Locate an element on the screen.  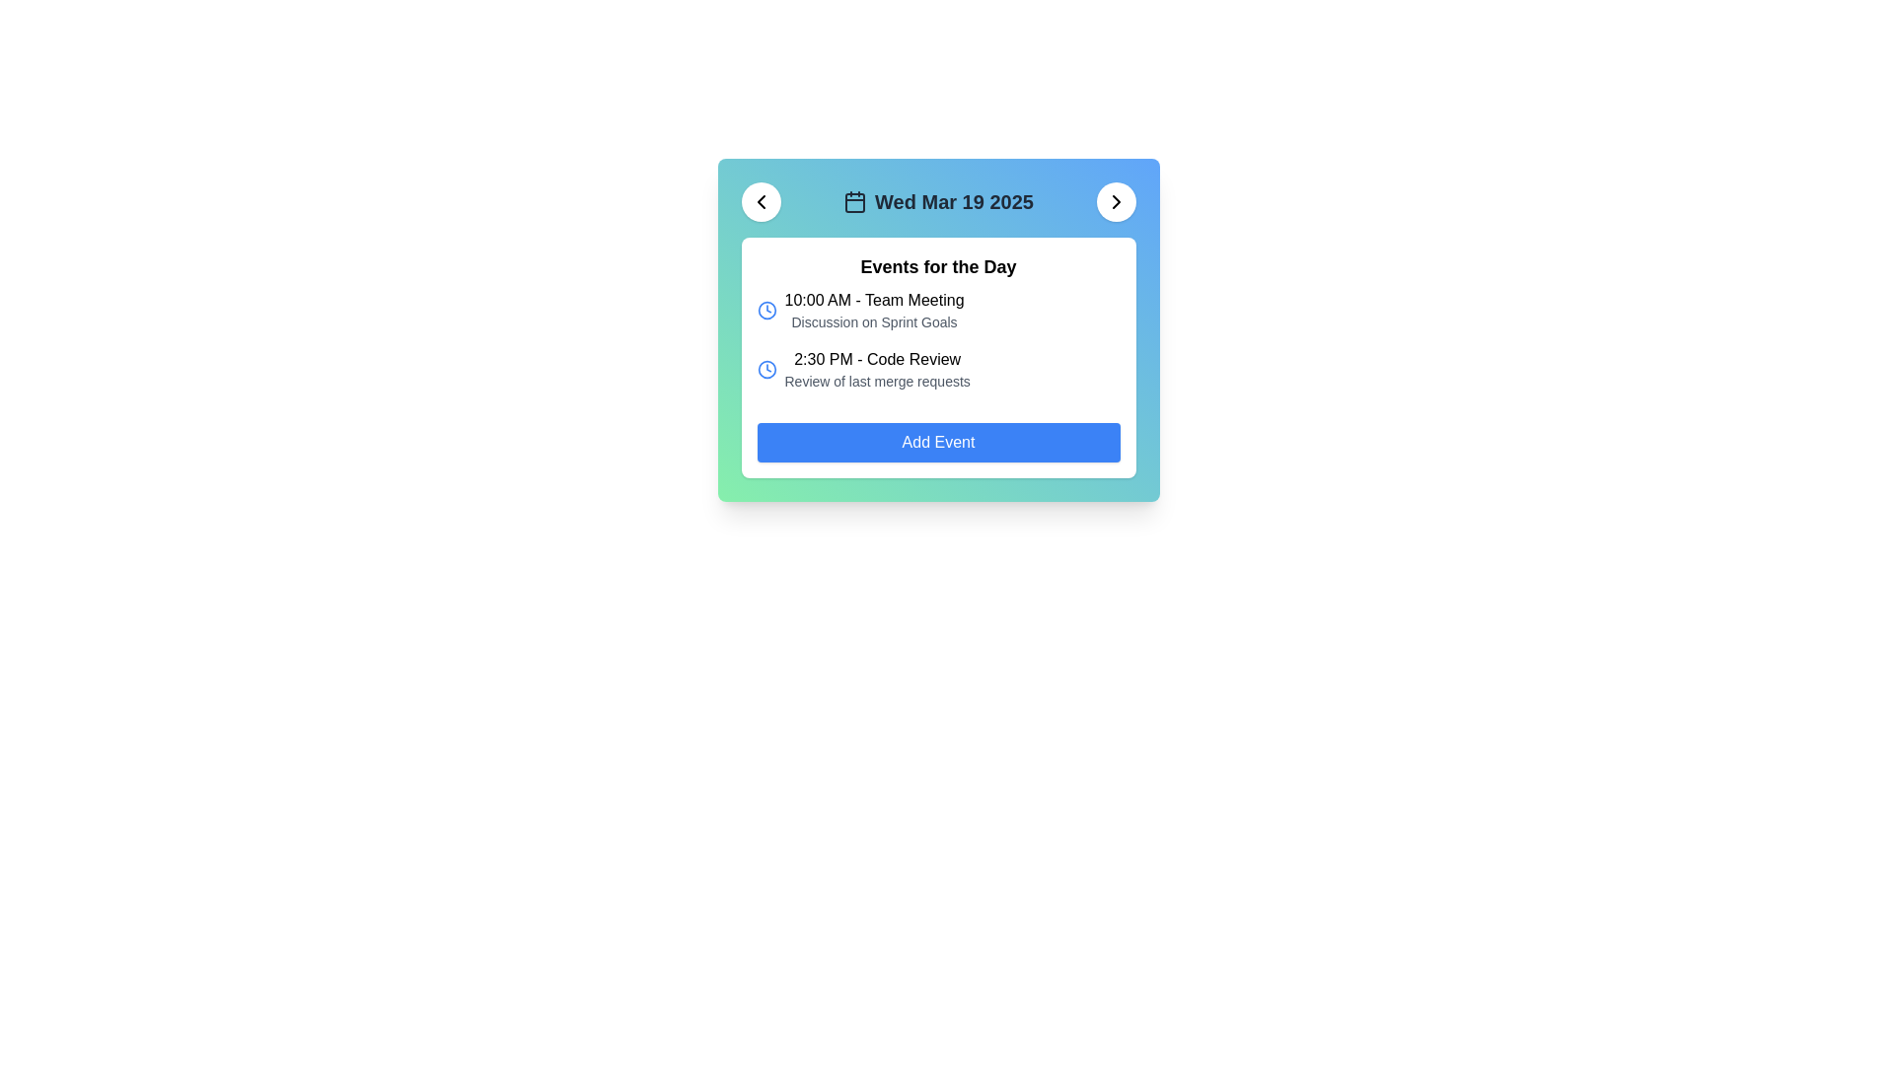
on the event entry titled '2:30 PM - Code Review' in the schedule panel is located at coordinates (937, 369).